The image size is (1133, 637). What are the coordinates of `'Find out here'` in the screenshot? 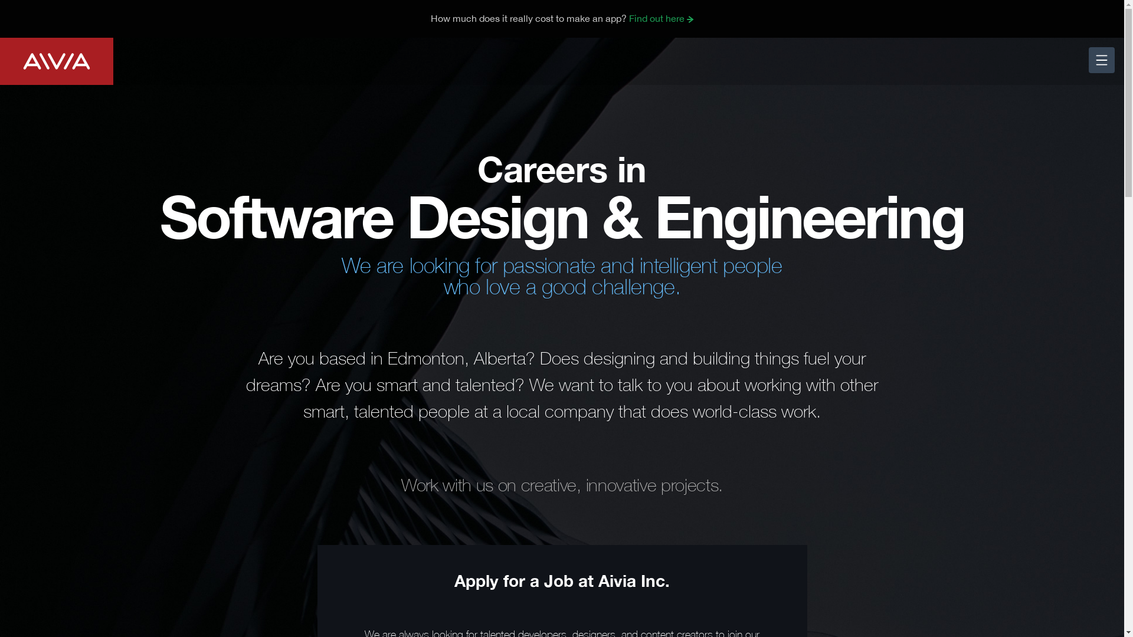 It's located at (662, 18).